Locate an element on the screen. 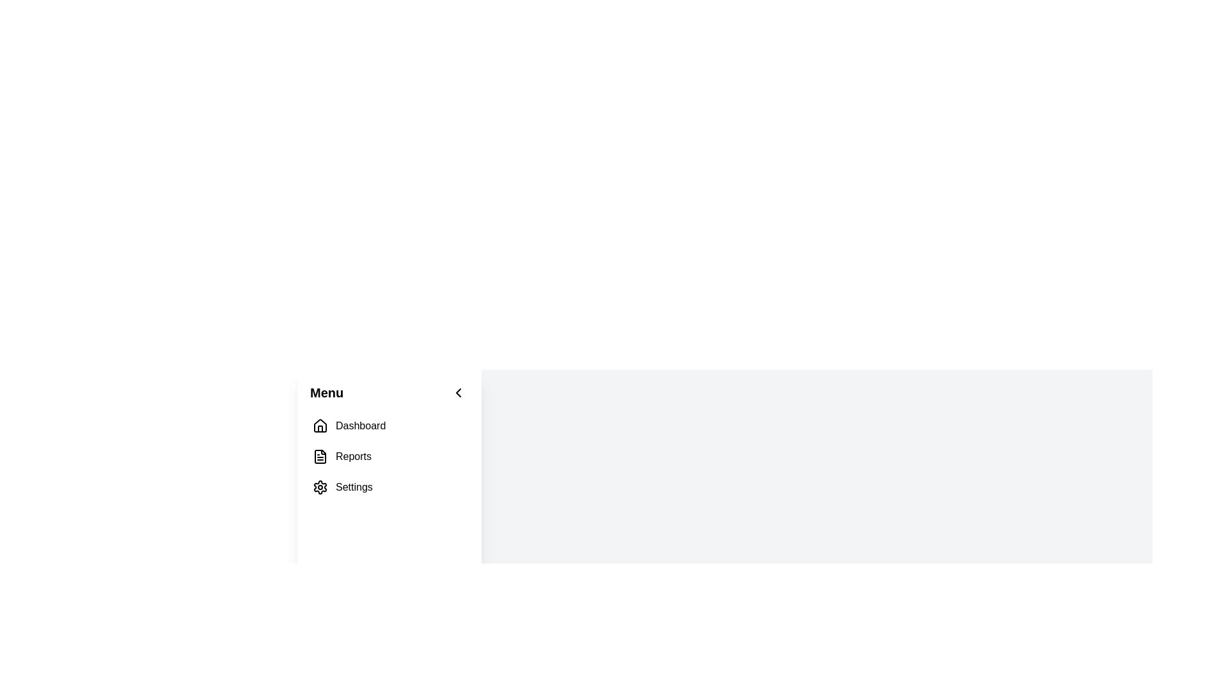  'Settings' navigation link, which is styled with a gear icon and is the third item in the vertical sidebar menu, located below the 'Dashboard' and 'Reports' items is located at coordinates (389, 487).